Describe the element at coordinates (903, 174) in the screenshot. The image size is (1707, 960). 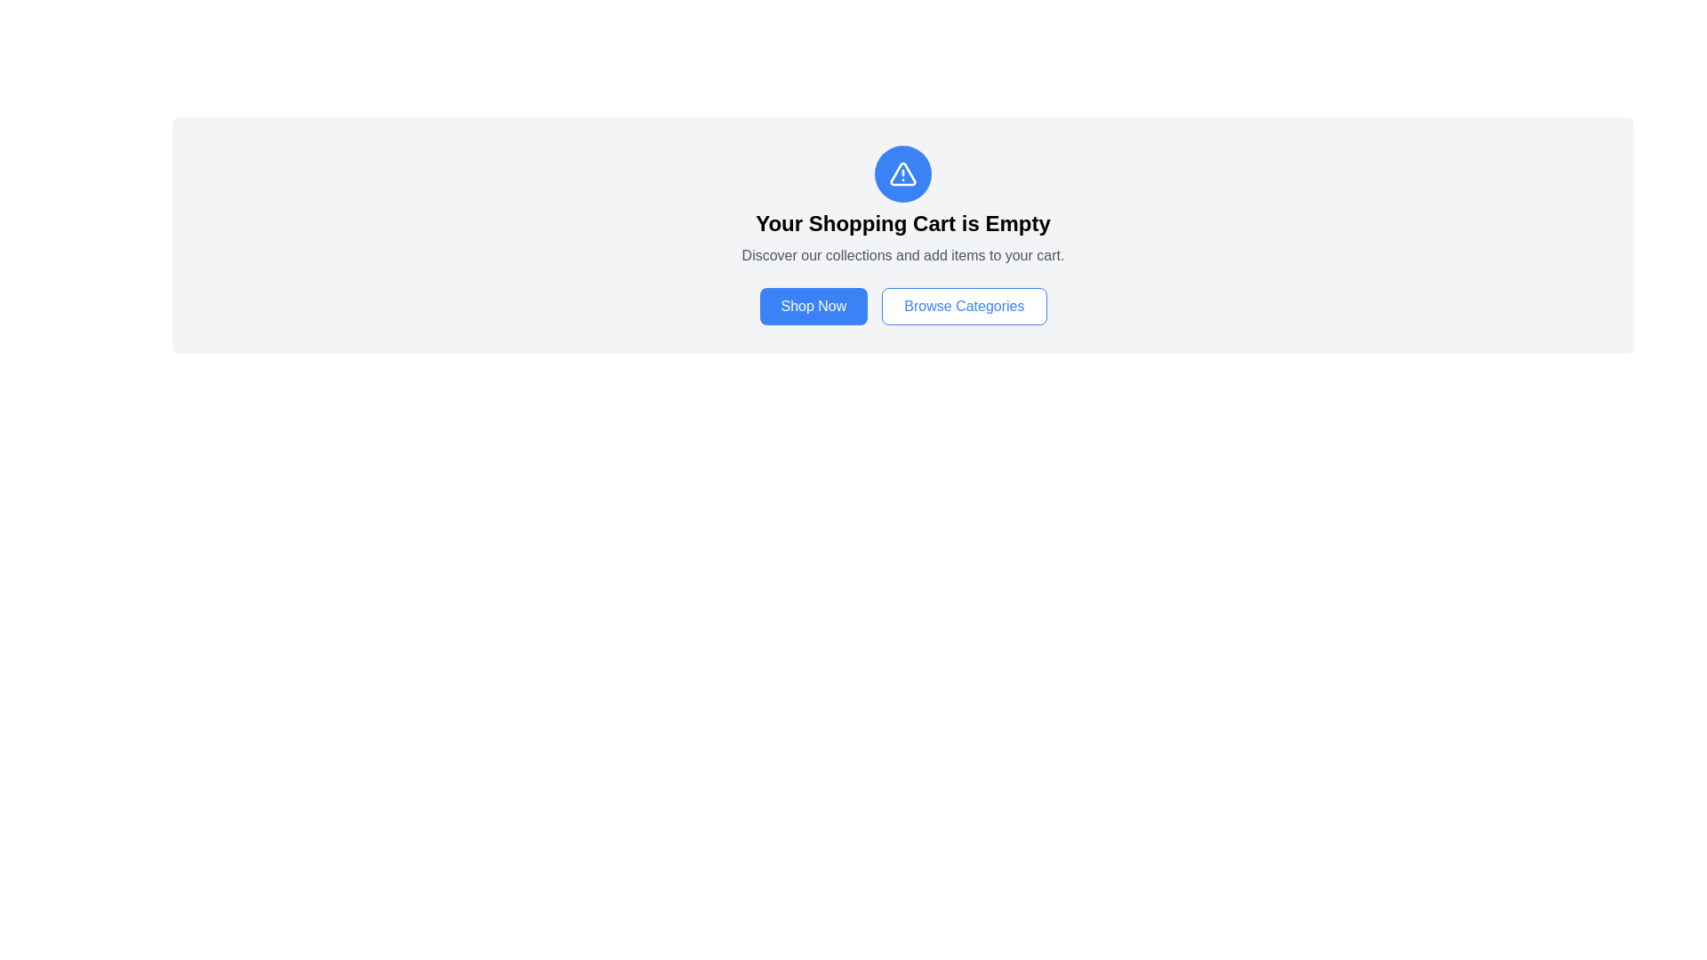
I see `the warning or alert icon inside a blue circular background, which is located at the center above the text 'Your Shopping Cart is Empty'` at that location.